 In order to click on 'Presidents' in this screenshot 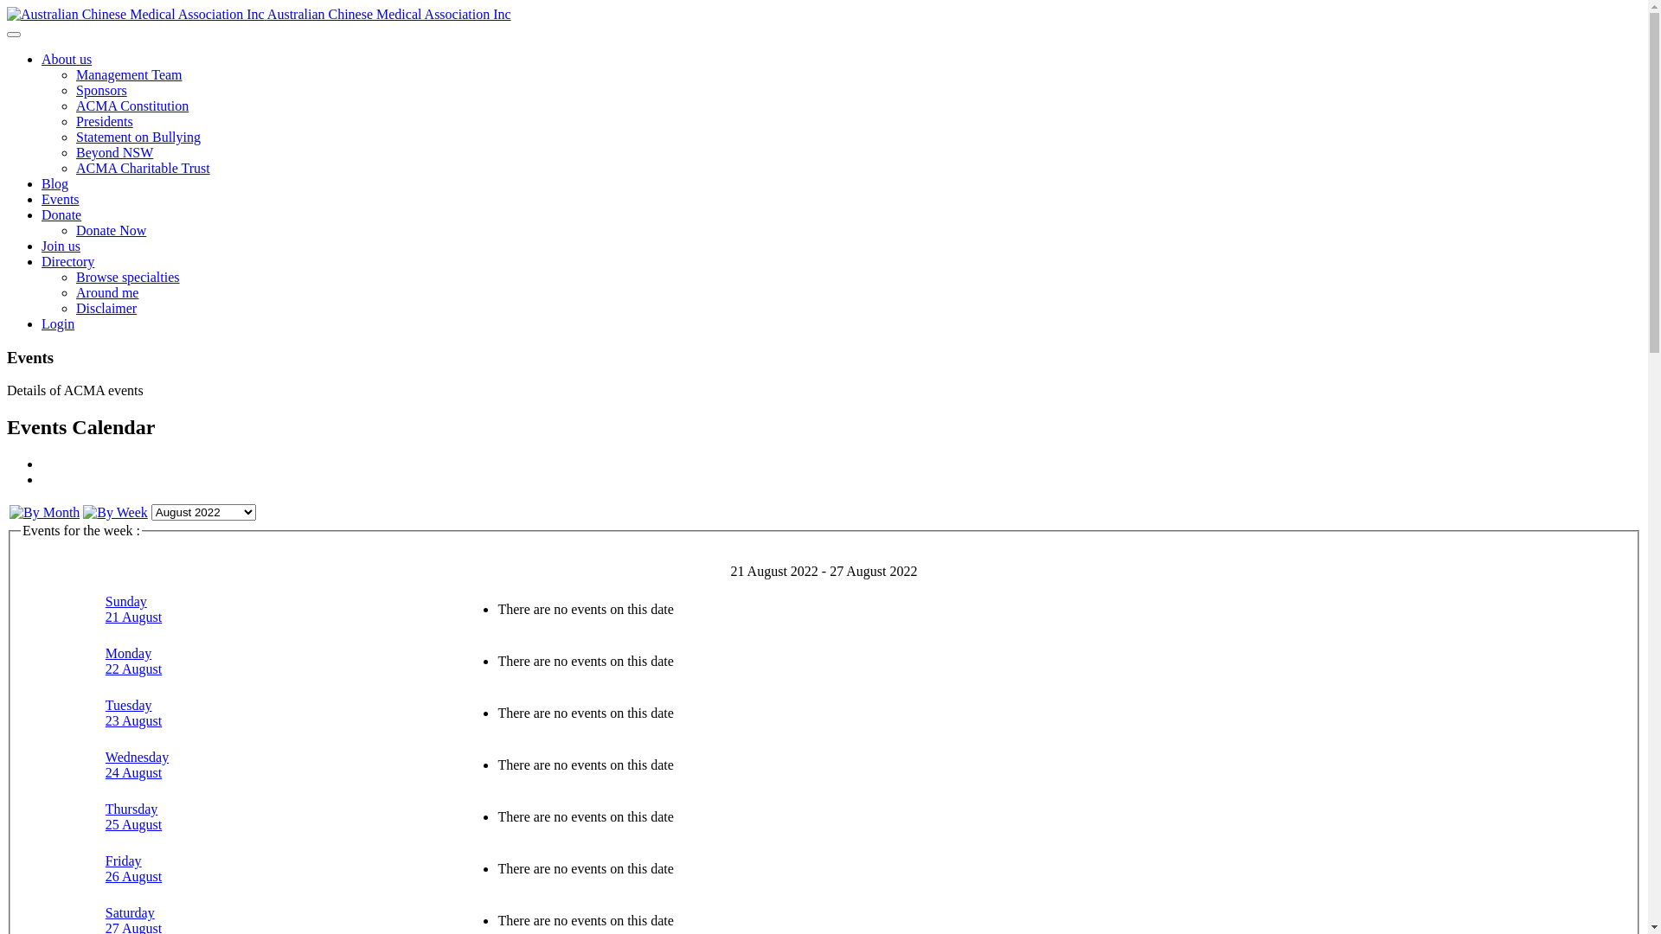, I will do `click(103, 120)`.